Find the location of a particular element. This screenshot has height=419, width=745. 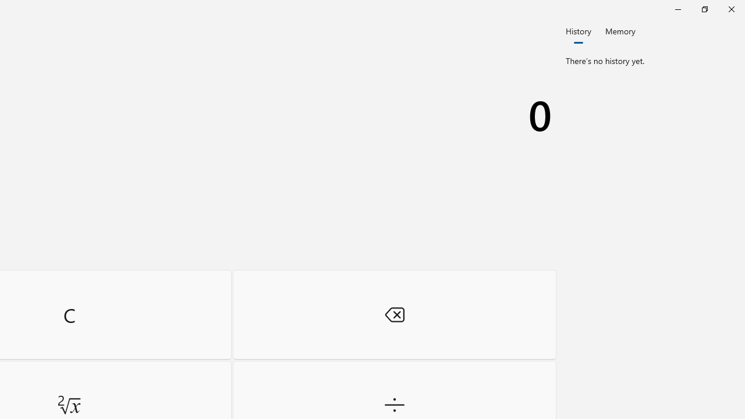

'Minimize Calculator' is located at coordinates (677, 9).